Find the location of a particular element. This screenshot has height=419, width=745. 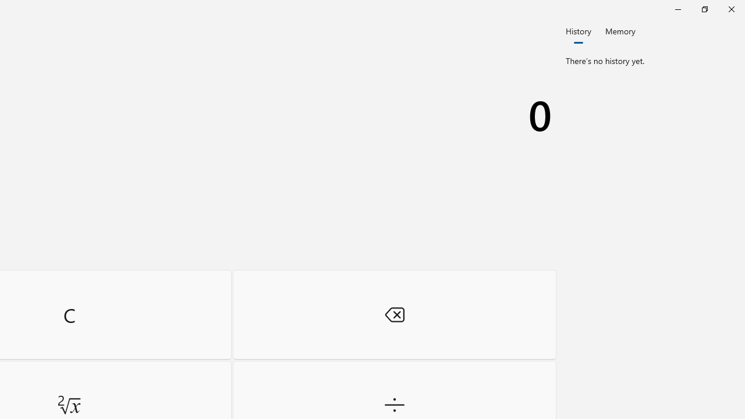

'Minimize Calculator' is located at coordinates (677, 9).